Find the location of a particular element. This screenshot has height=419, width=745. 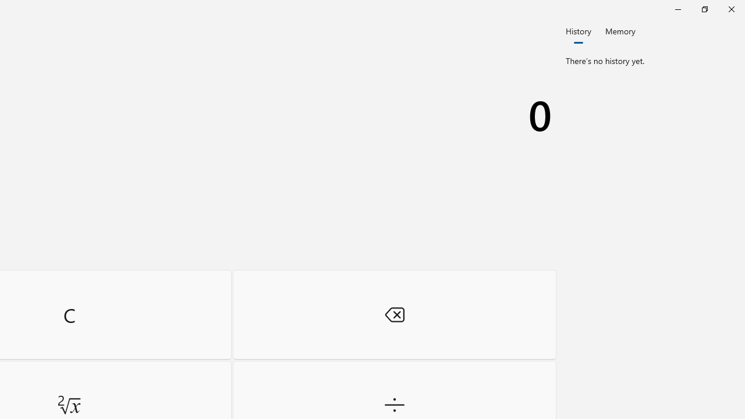

'Minimize Calculator' is located at coordinates (677, 9).